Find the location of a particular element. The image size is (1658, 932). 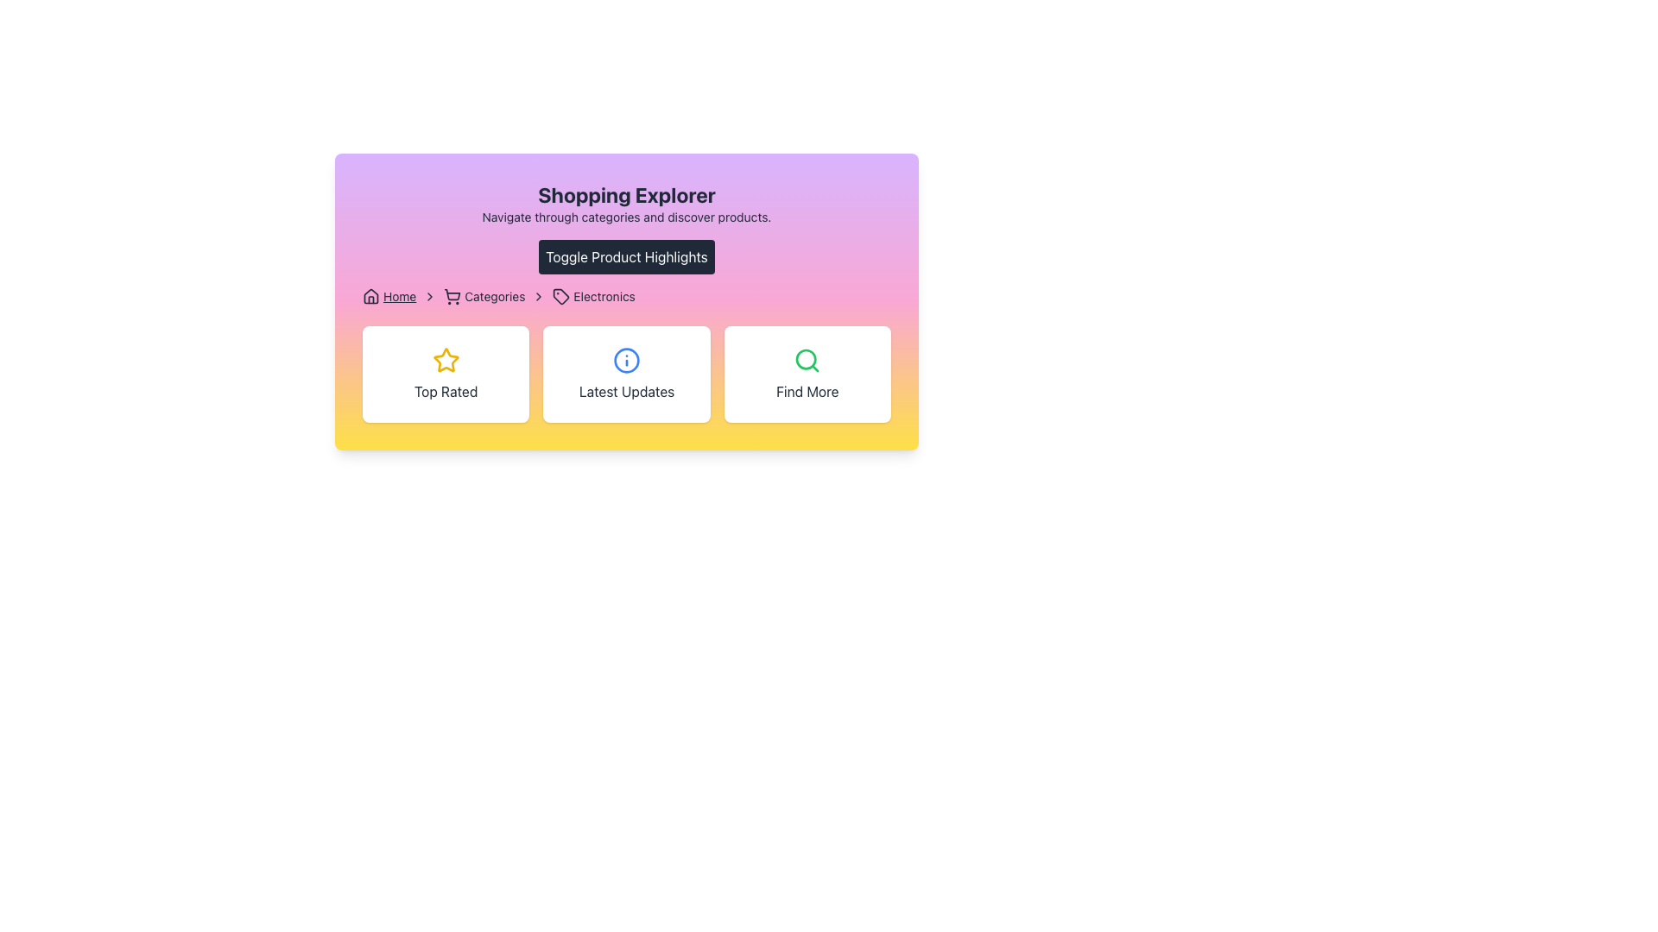

the circular blue outlined information icon located in the 'Latest Updates' card is located at coordinates (625, 359).